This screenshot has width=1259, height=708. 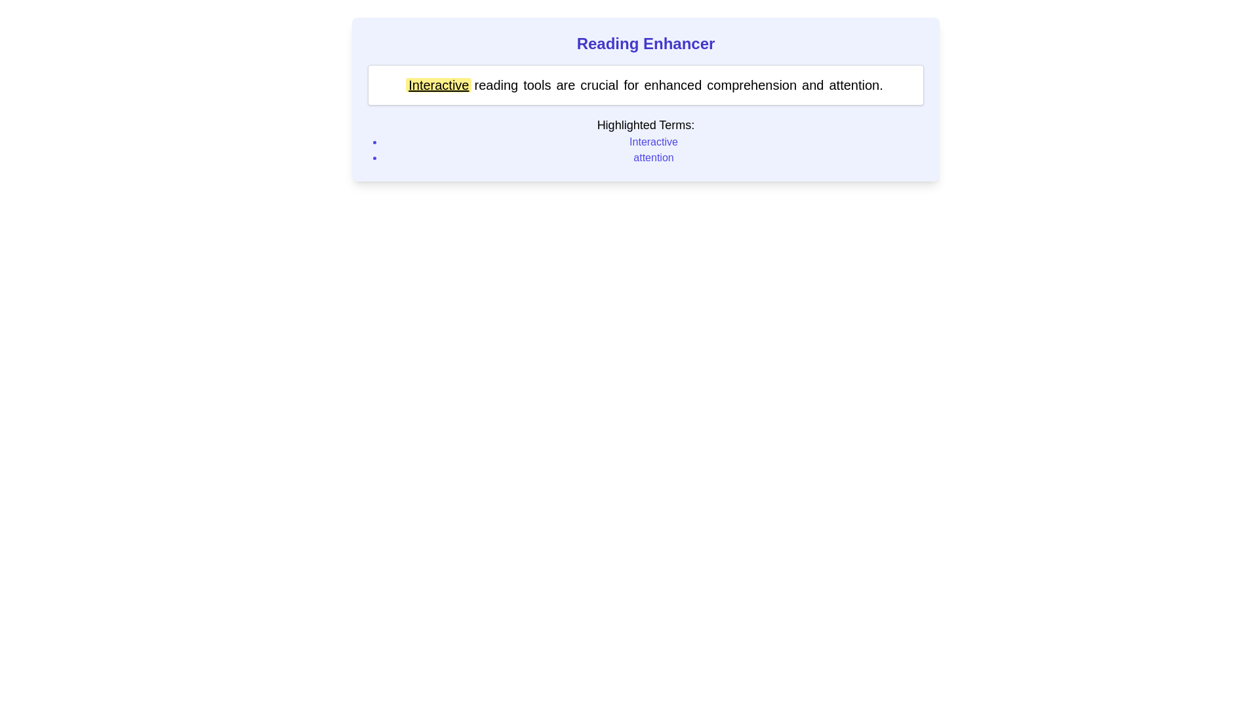 What do you see at coordinates (673, 85) in the screenshot?
I see `text element displaying the word 'enhanced', which is positioned within the sentence 'Interactive reading tools are crucial for enhanced comprehension and attention.'` at bounding box center [673, 85].